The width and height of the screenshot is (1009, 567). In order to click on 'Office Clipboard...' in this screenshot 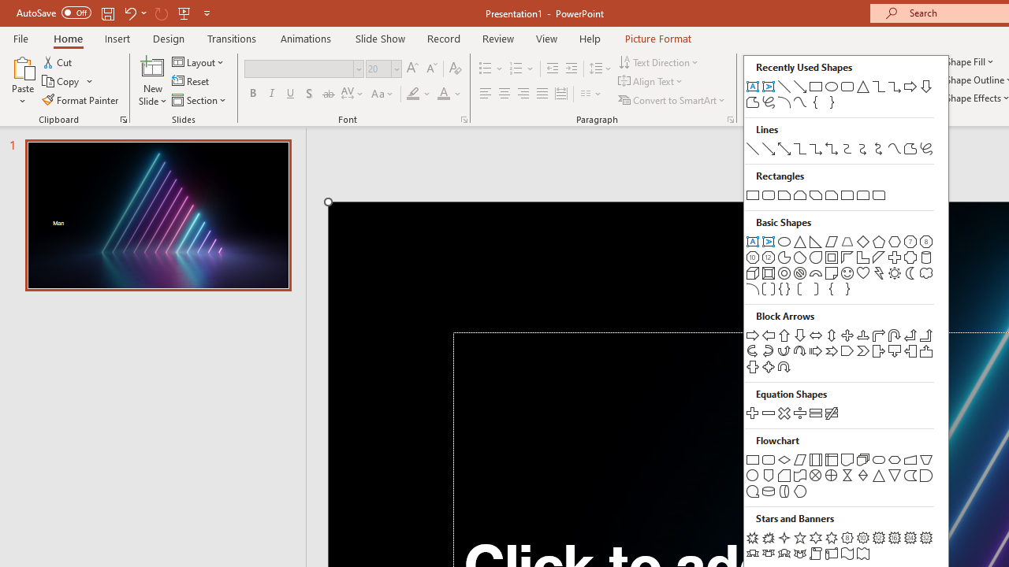, I will do `click(122, 118)`.